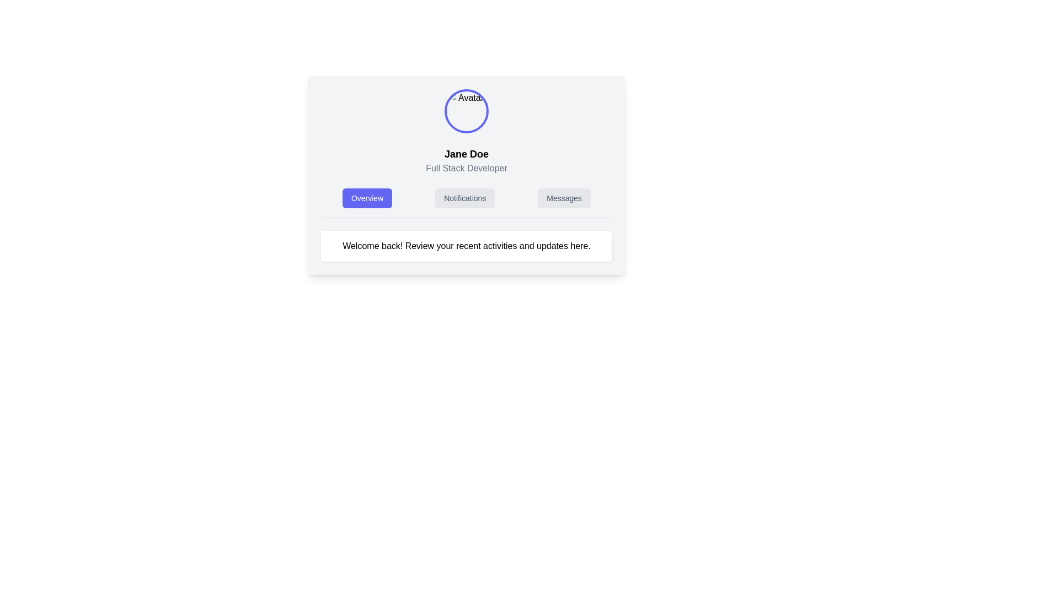 The width and height of the screenshot is (1059, 595). I want to click on the non-interactive informational text block located below the buttons 'Overview', 'Notifications', and 'Messages', so click(466, 246).